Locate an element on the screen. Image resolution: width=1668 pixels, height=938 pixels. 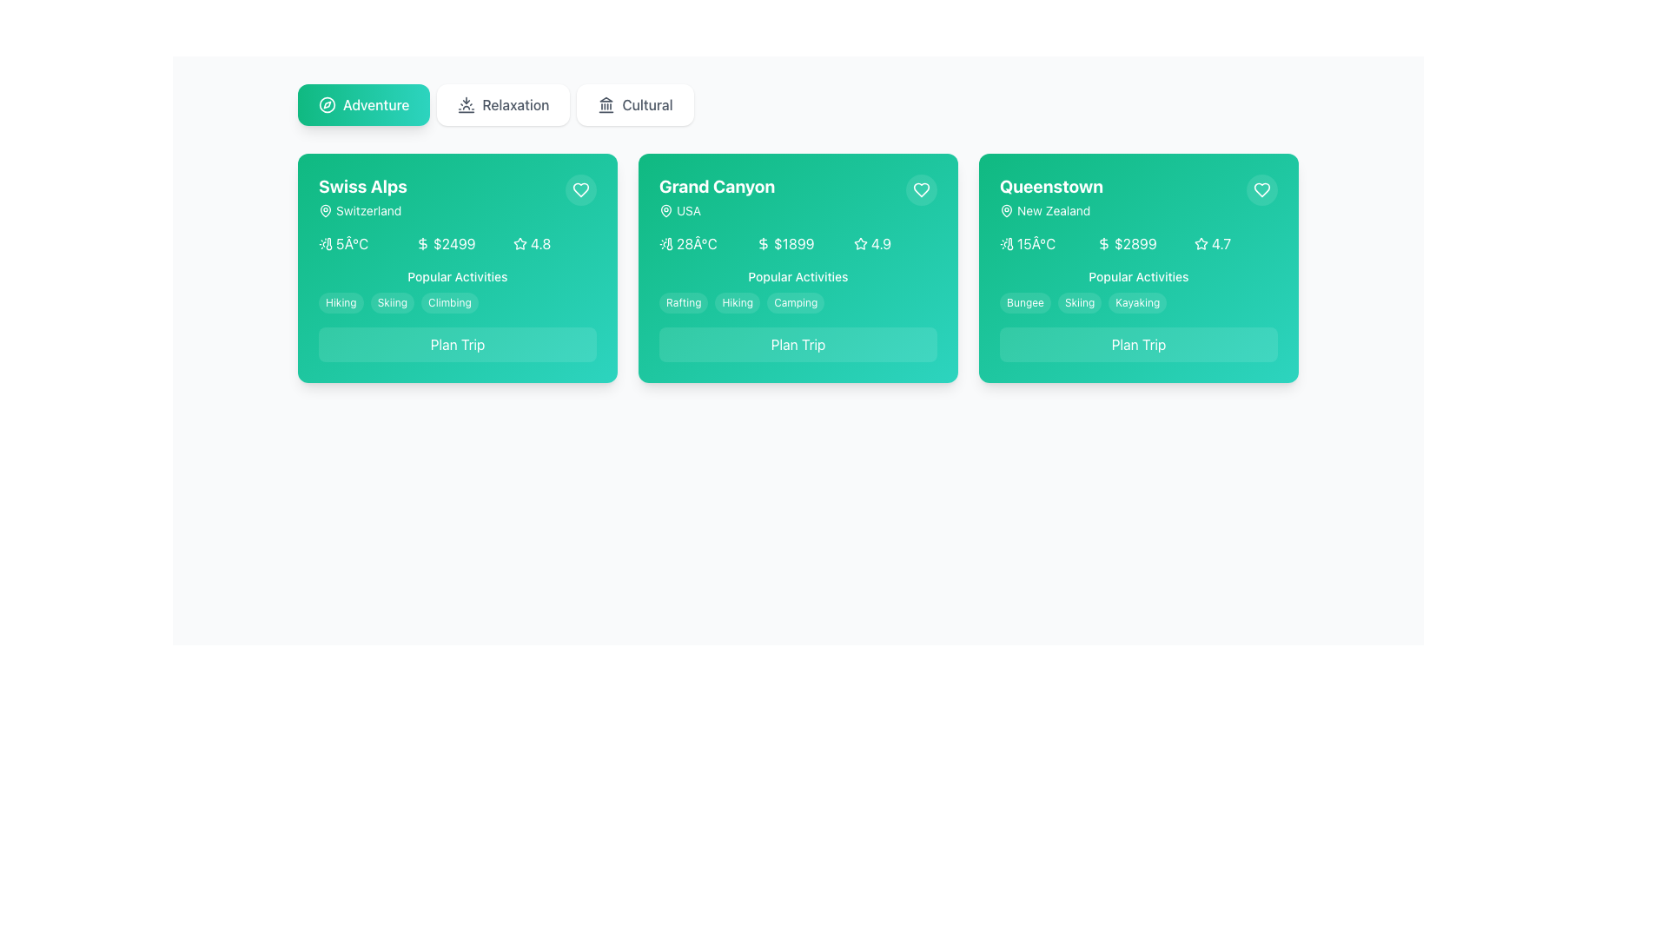
the interactive button with a heart icon at the top-right corner of the 'Grand Canyon' card to change its background appearance is located at coordinates (920, 190).